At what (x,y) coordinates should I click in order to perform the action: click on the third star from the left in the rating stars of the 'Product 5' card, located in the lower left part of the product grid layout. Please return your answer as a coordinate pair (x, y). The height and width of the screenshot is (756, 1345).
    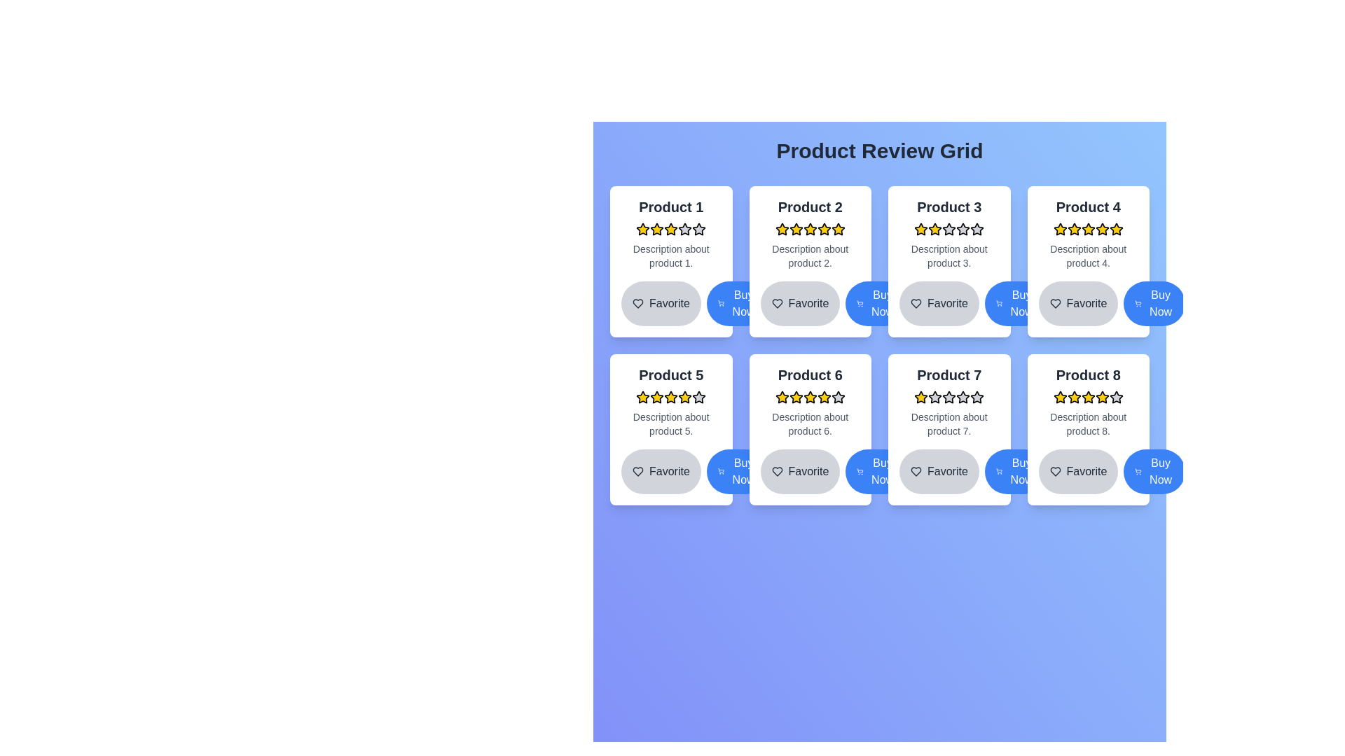
    Looking at the image, I should click on (699, 397).